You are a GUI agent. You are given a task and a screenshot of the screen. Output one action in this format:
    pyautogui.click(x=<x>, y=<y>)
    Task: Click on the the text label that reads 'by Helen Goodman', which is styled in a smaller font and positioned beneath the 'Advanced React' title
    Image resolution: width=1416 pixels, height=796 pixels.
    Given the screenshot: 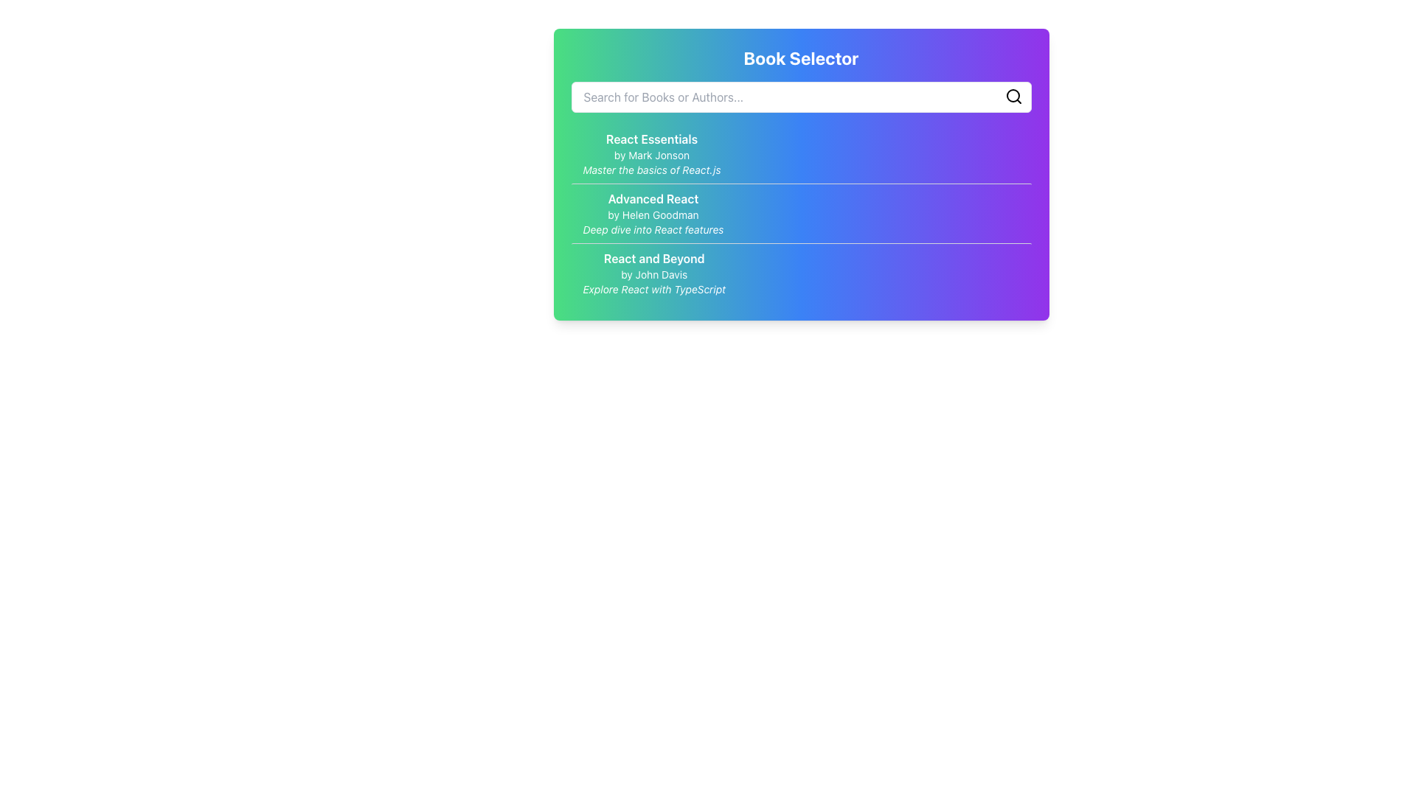 What is the action you would take?
    pyautogui.click(x=653, y=215)
    